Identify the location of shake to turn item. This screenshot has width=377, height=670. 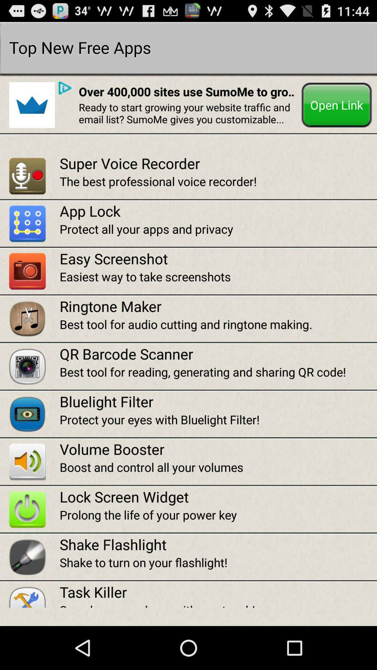
(218, 562).